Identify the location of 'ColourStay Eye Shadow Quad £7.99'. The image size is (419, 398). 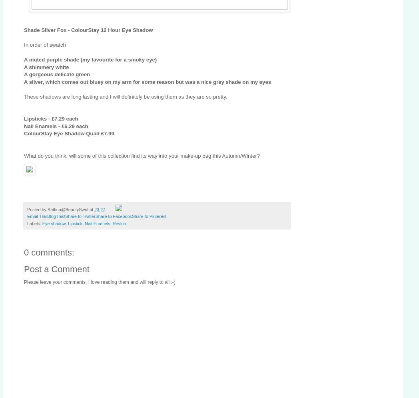
(69, 133).